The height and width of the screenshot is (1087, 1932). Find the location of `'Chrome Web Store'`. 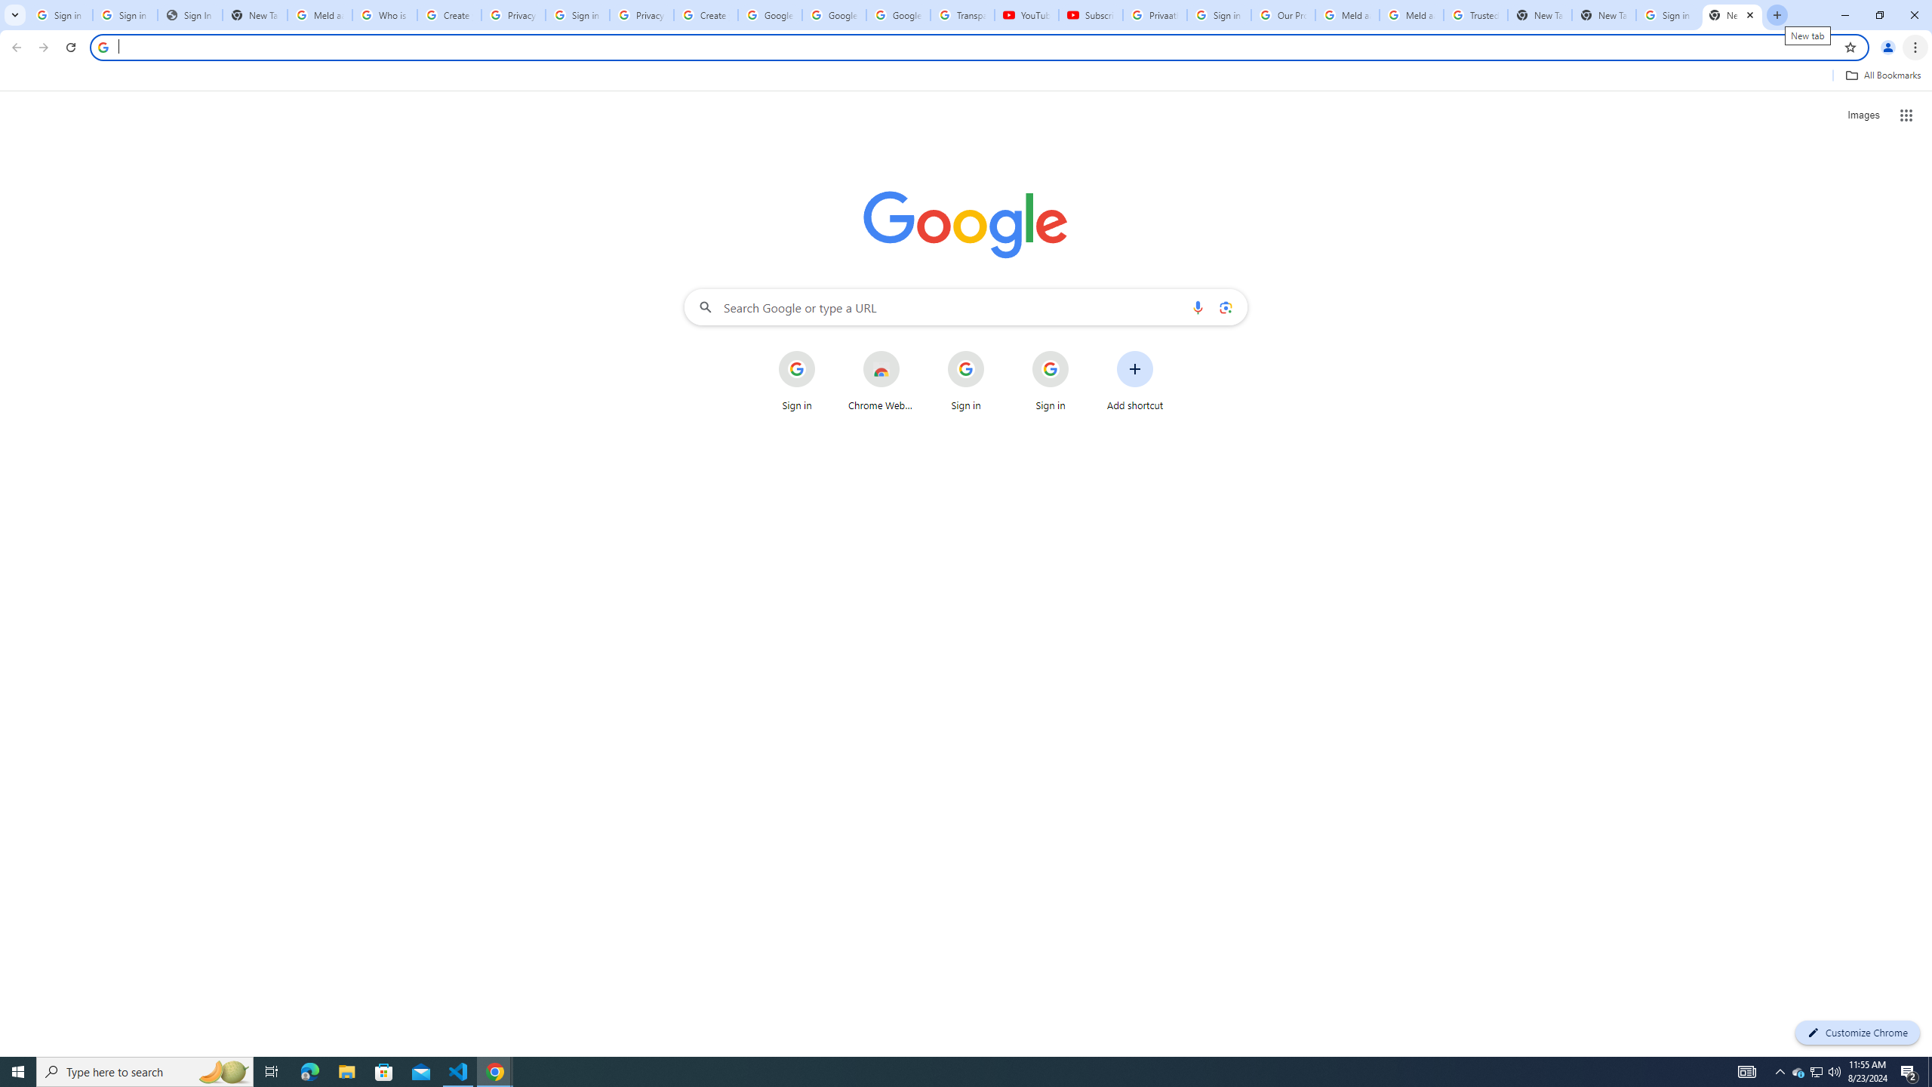

'Chrome Web Store' is located at coordinates (880, 381).